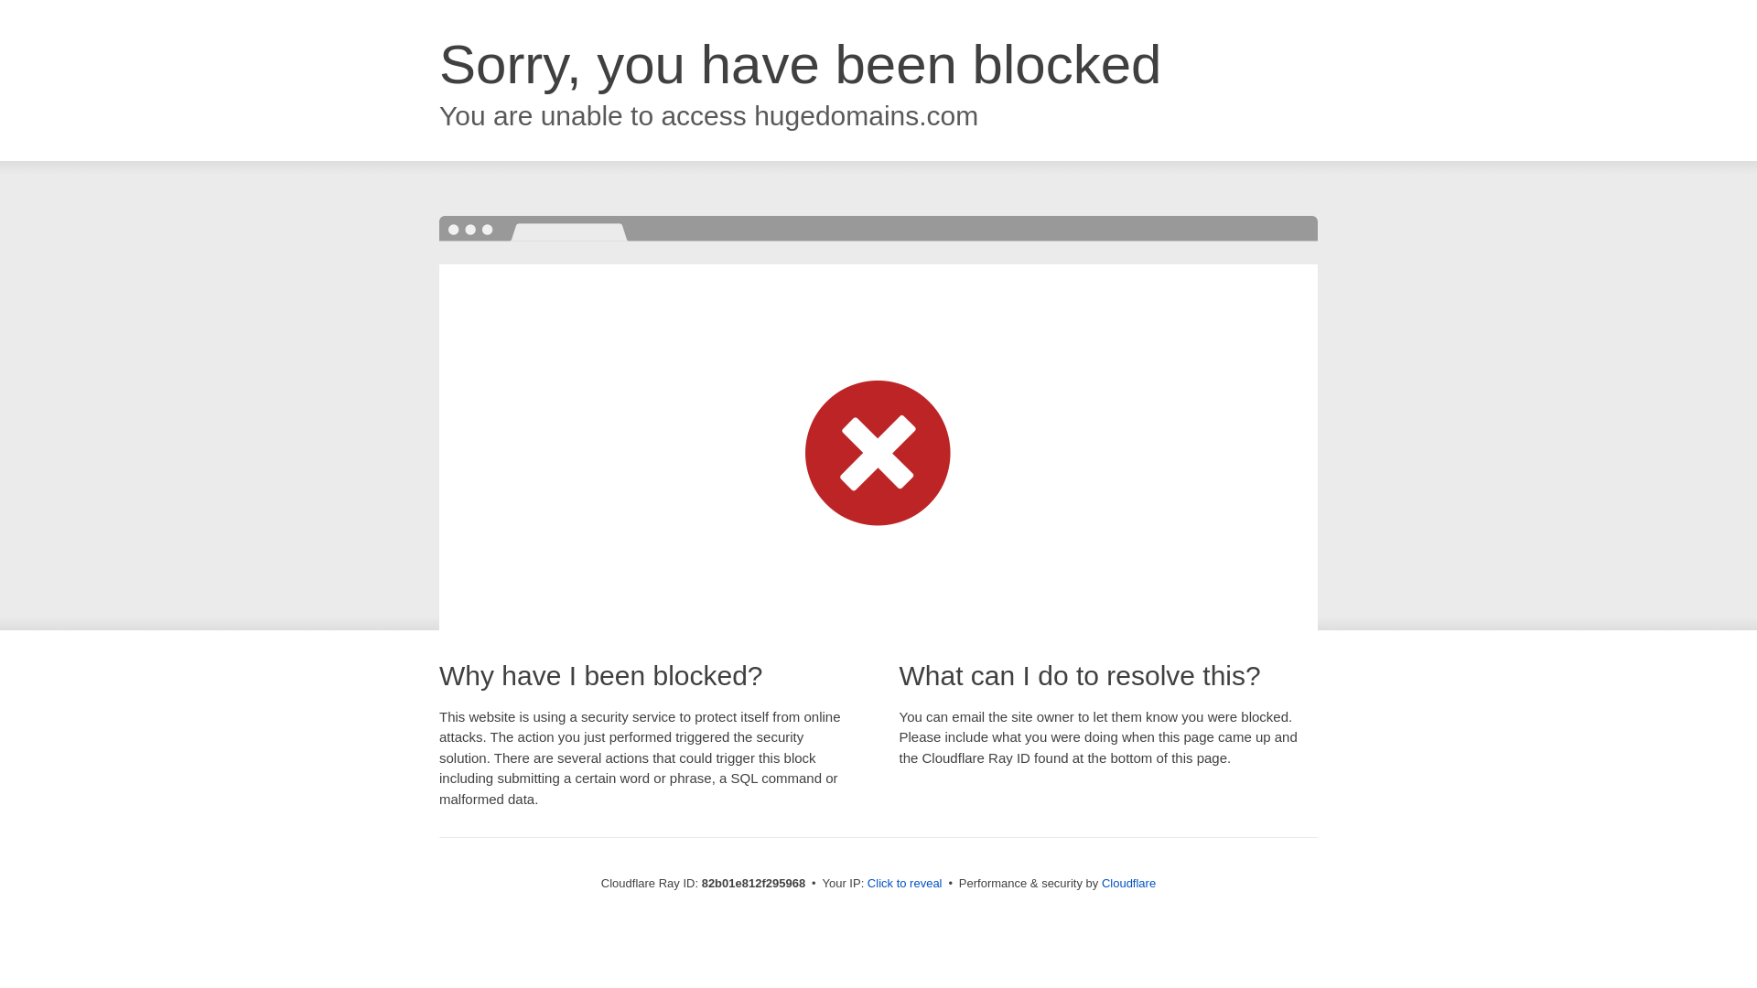  Describe the element at coordinates (904, 882) in the screenshot. I see `'Click to reveal'` at that location.